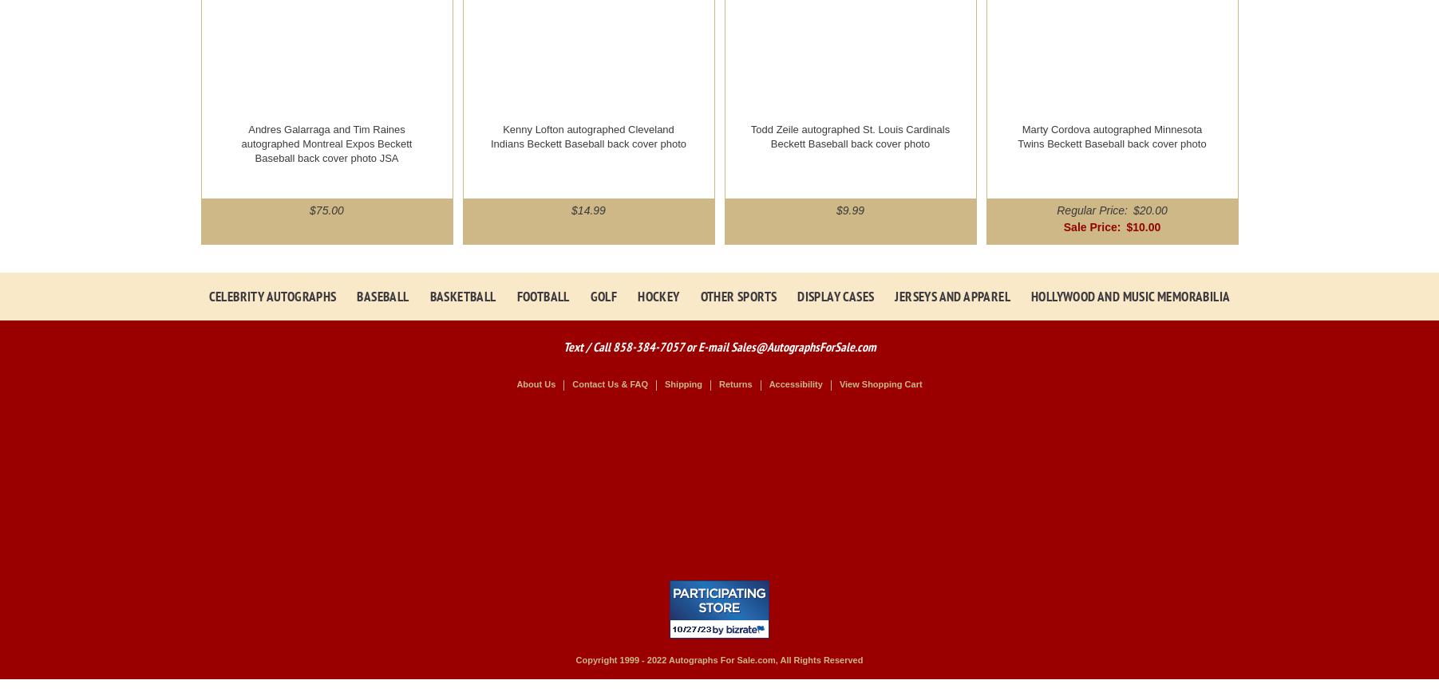 The width and height of the screenshot is (1439, 692). I want to click on '$10.00', so click(1143, 226).